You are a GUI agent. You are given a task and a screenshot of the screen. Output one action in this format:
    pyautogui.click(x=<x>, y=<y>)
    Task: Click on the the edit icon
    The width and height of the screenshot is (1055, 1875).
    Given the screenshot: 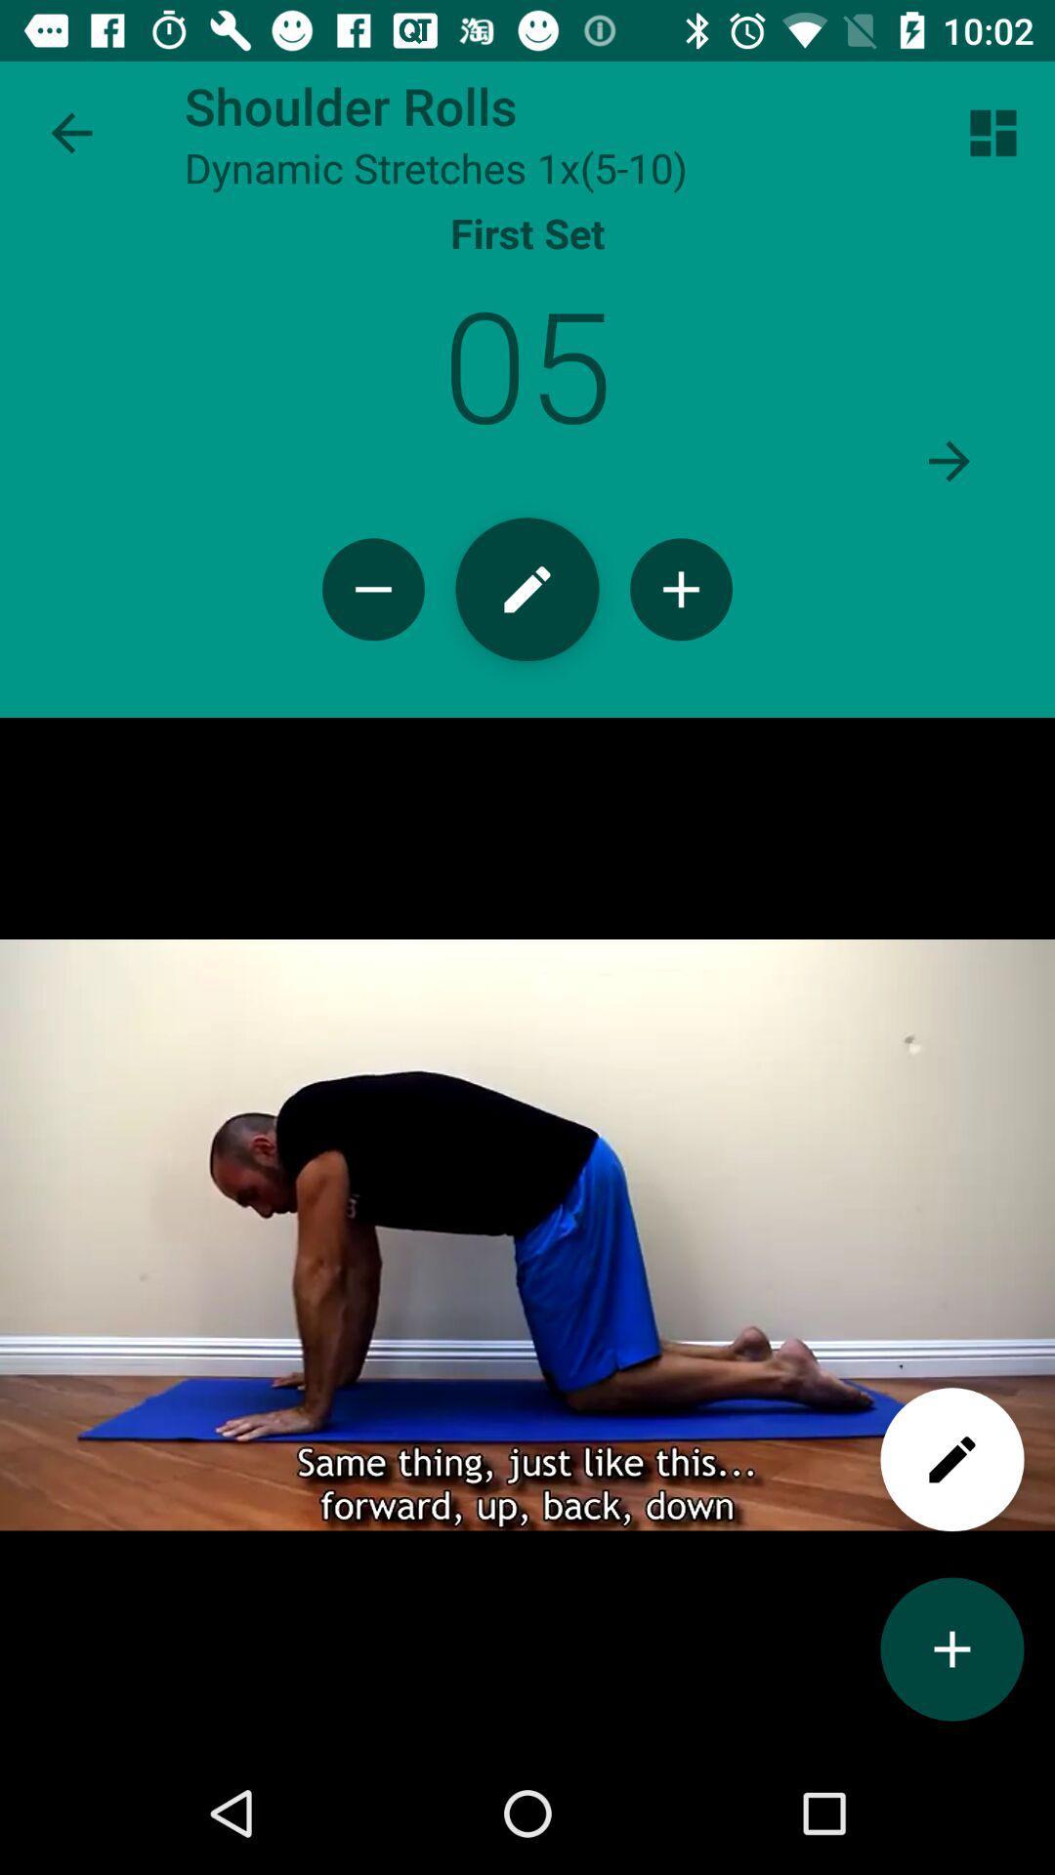 What is the action you would take?
    pyautogui.click(x=527, y=631)
    